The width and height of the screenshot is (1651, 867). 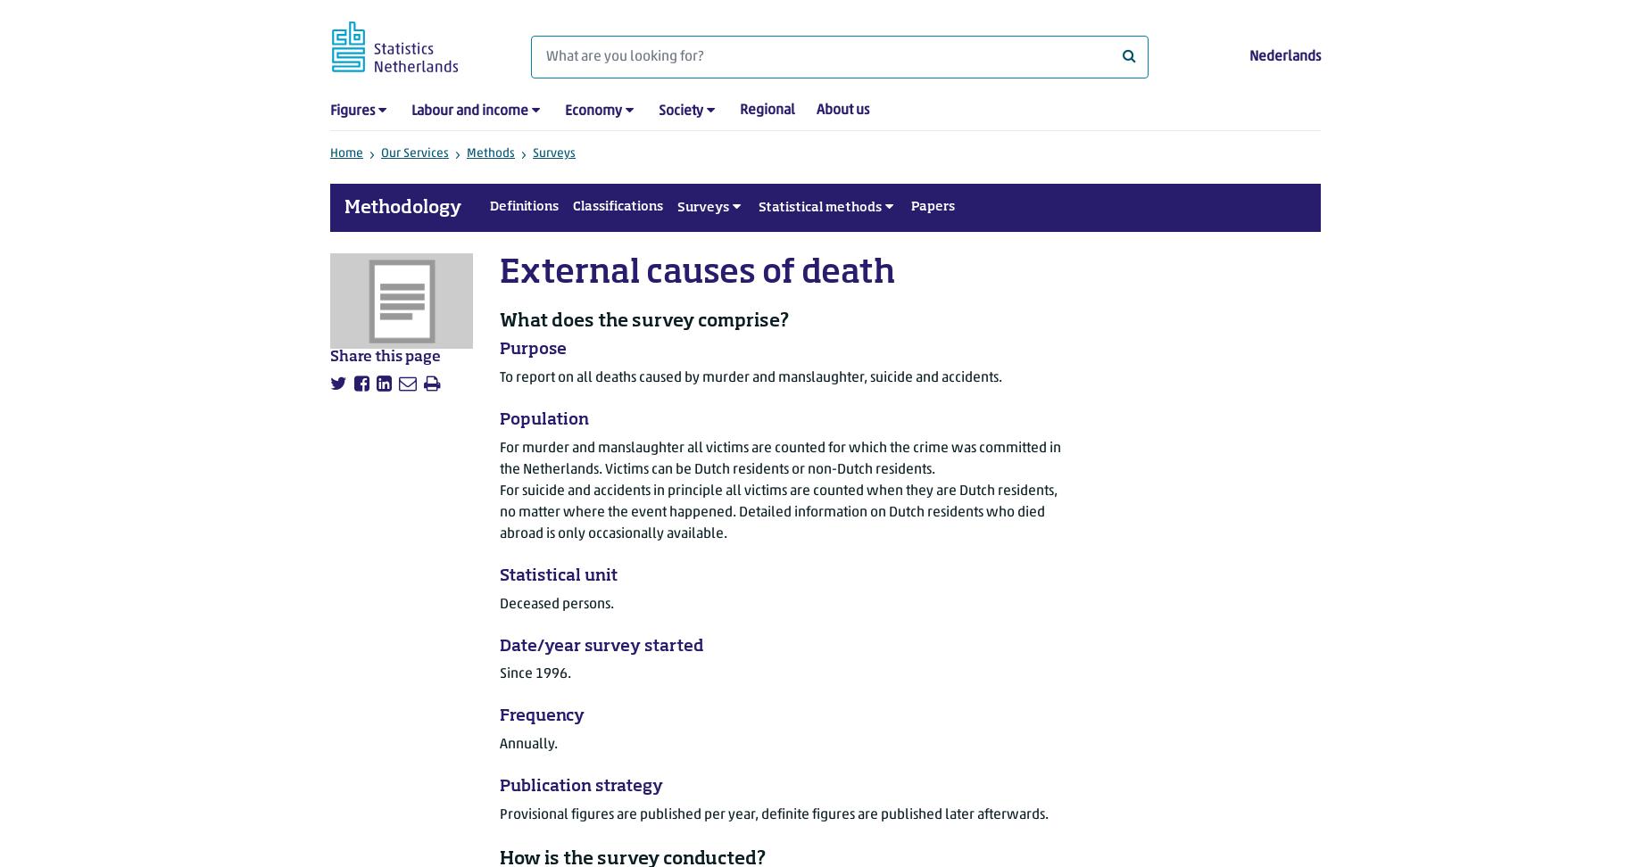 I want to click on 'Labour and income', so click(x=469, y=111).